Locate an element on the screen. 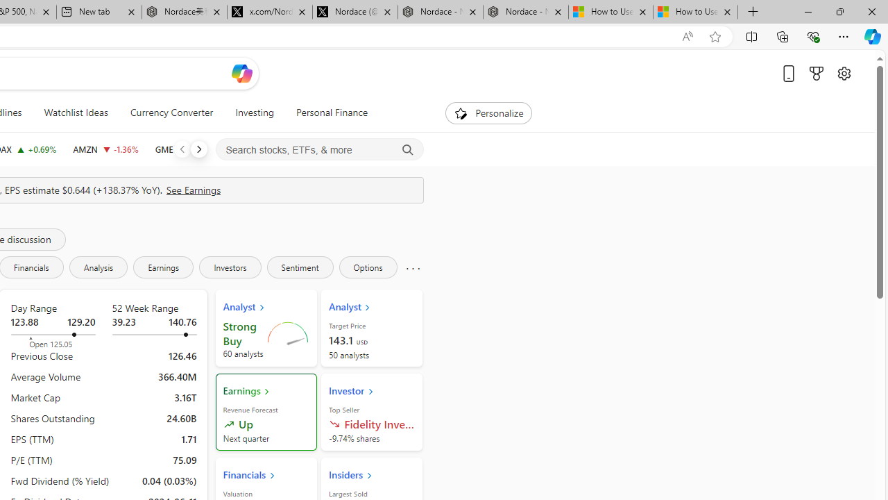 The image size is (888, 500). 'Investors' is located at coordinates (230, 267).